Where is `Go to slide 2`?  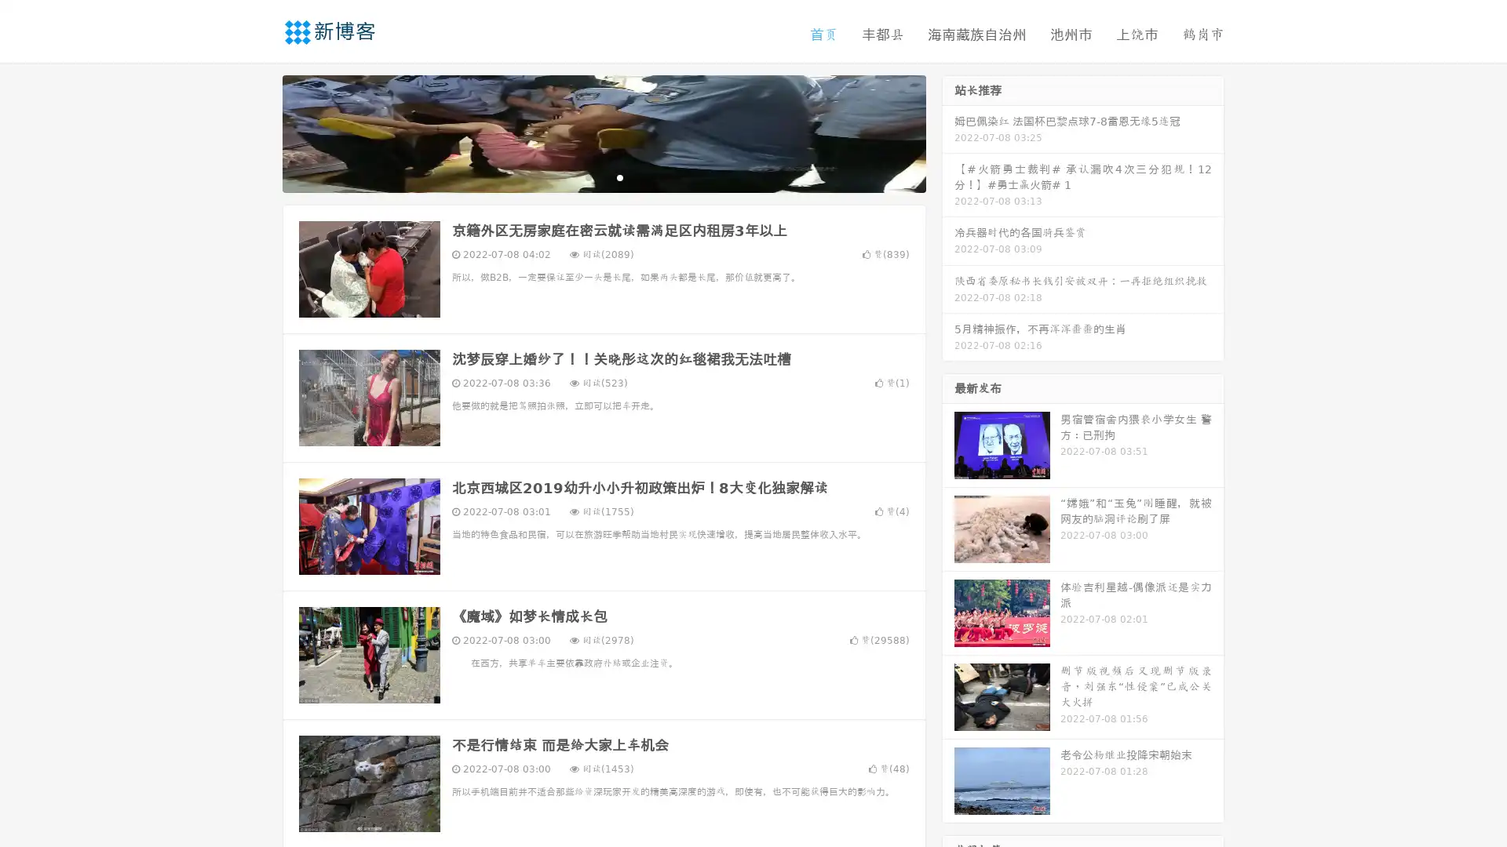
Go to slide 2 is located at coordinates (603, 176).